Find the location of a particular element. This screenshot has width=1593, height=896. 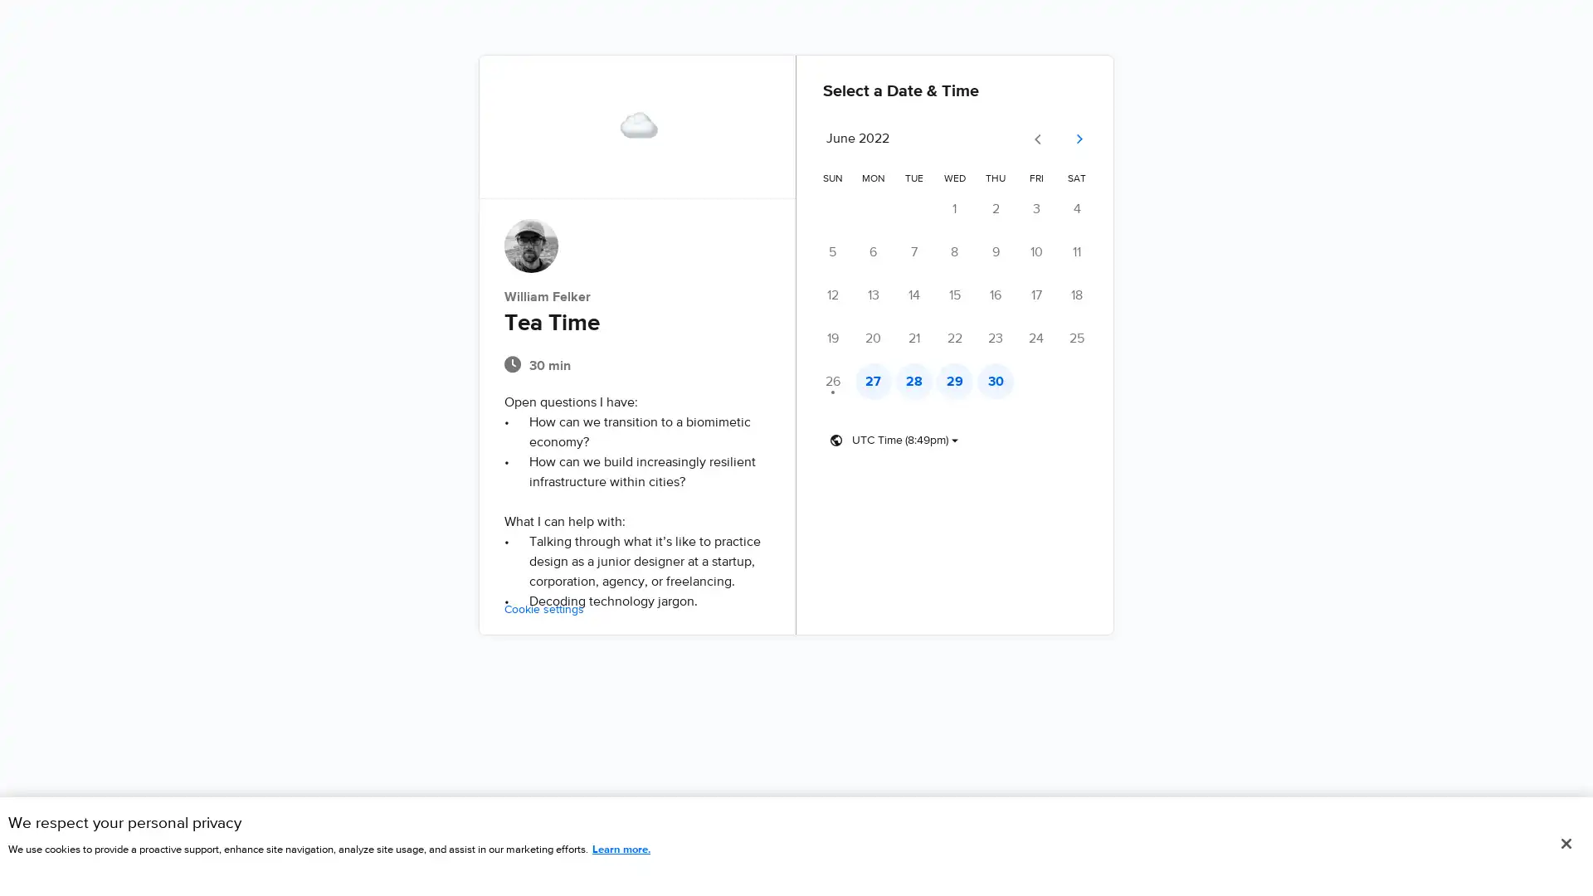

Monday, June 27 - Times available is located at coordinates (875, 381).